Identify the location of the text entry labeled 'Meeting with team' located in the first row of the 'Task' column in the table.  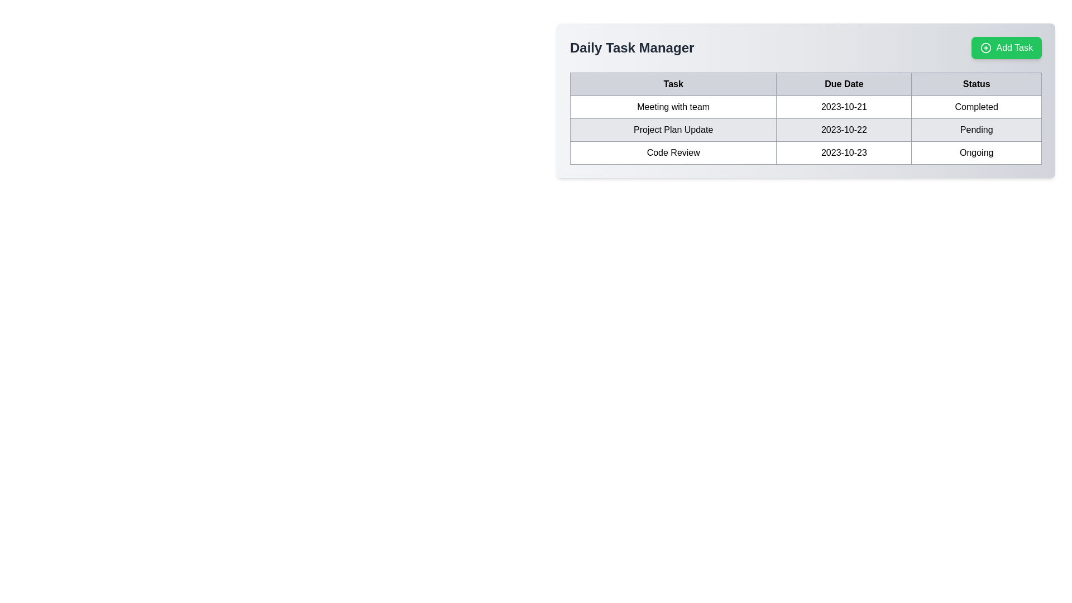
(673, 107).